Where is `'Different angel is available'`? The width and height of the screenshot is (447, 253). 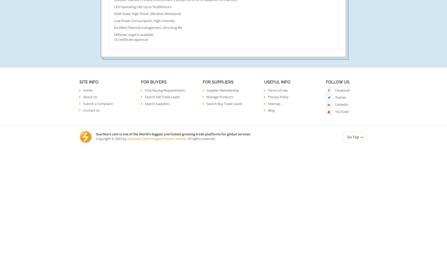 'Different angel is available' is located at coordinates (133, 35).